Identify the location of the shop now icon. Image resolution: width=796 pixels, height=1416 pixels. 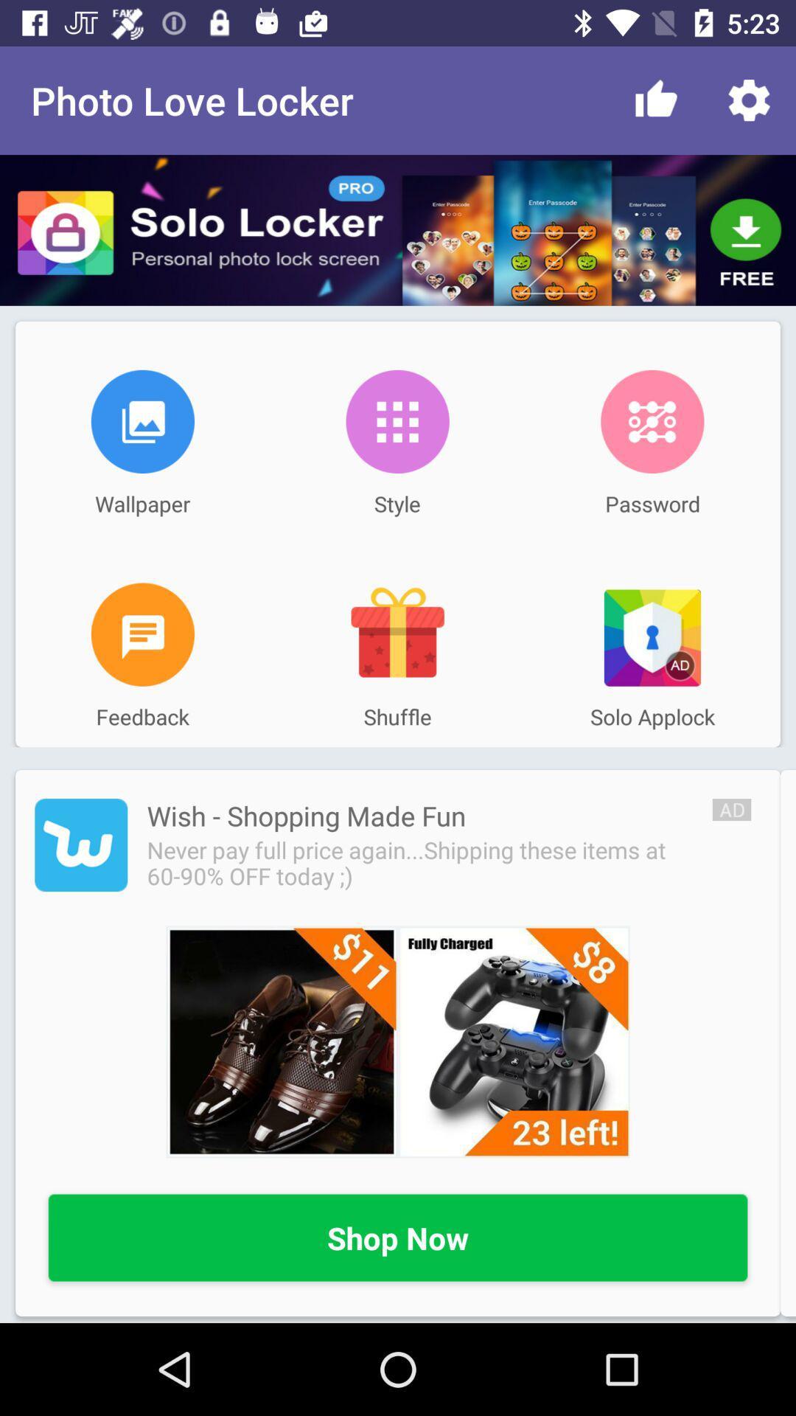
(398, 1239).